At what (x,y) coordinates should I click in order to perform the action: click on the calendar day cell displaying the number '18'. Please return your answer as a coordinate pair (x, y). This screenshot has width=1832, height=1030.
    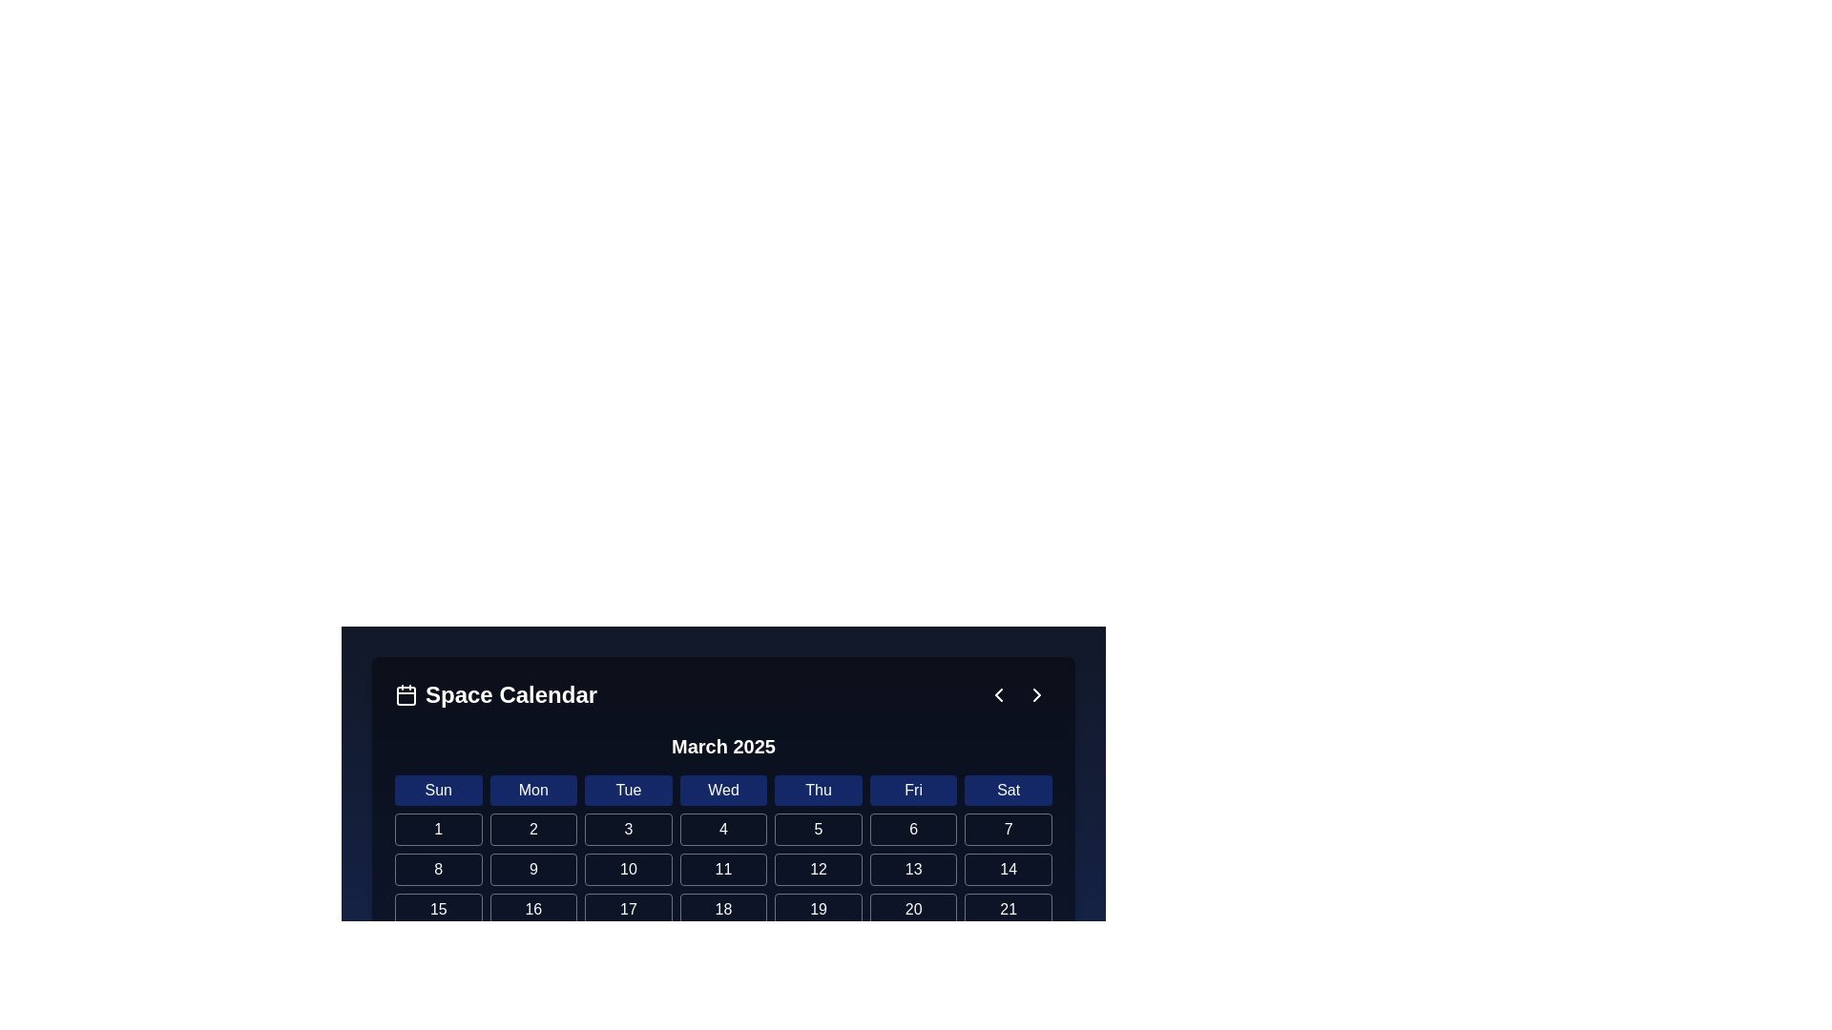
    Looking at the image, I should click on (722, 908).